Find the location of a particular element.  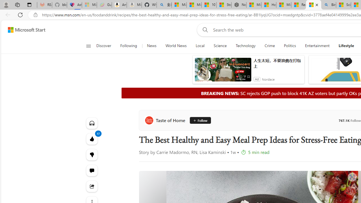

'Entertainment' is located at coordinates (317, 46).